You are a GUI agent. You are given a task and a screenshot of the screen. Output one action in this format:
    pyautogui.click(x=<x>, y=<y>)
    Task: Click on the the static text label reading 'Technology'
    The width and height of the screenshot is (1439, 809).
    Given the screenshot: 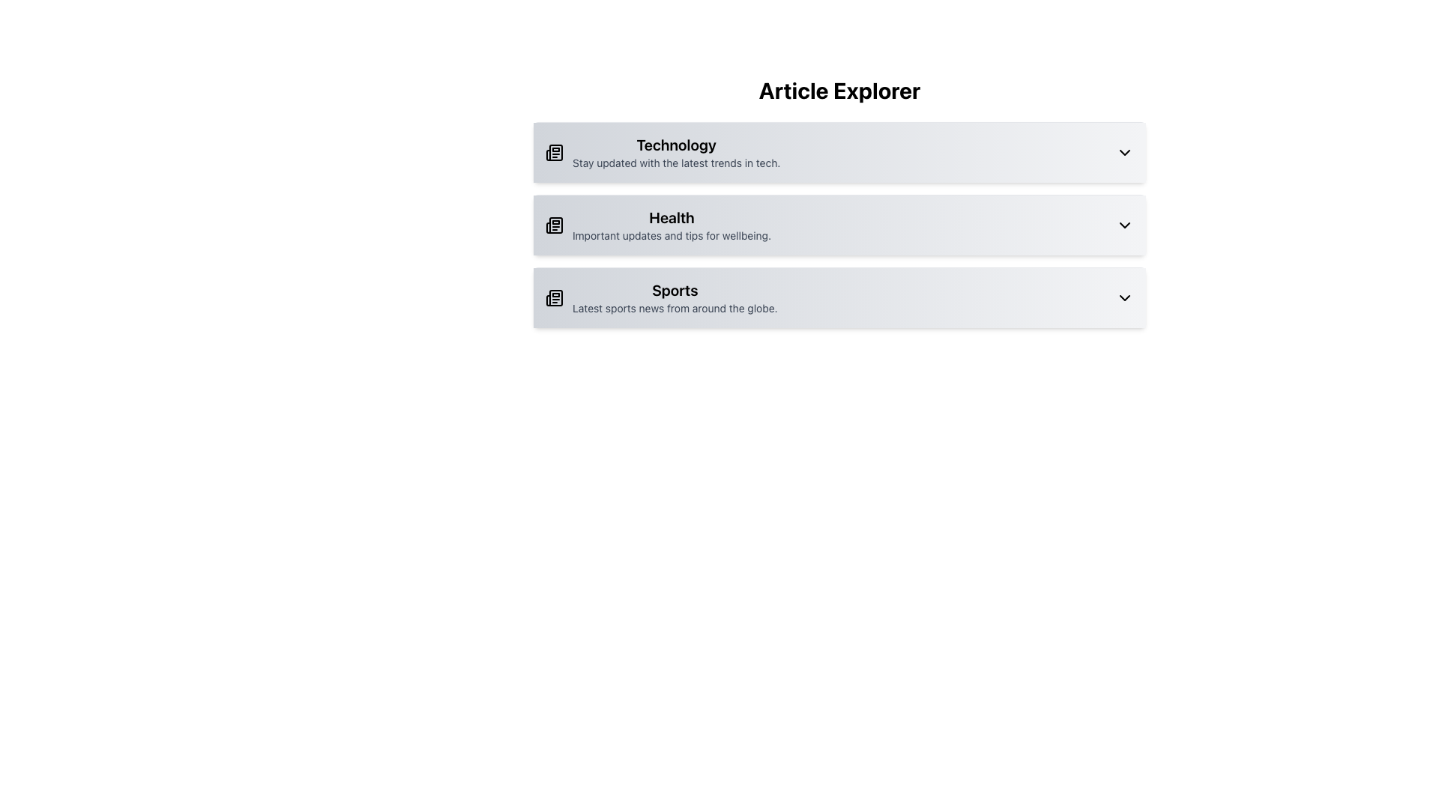 What is the action you would take?
    pyautogui.click(x=675, y=145)
    